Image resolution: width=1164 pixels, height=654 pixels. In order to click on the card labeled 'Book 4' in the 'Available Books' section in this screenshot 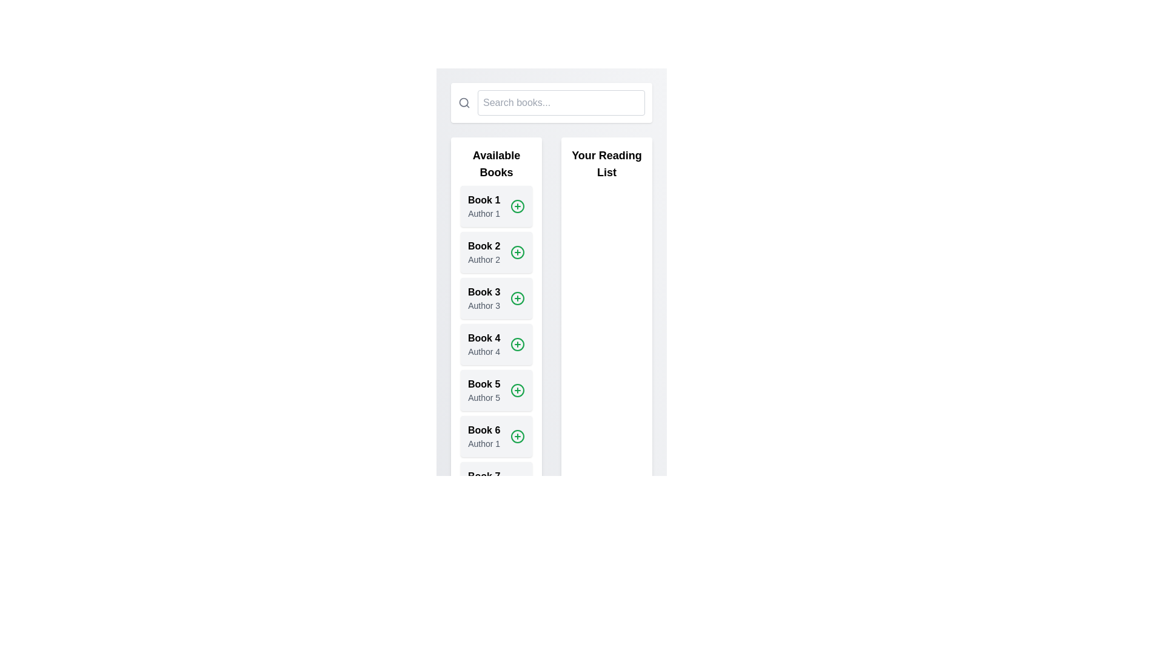, I will do `click(497, 345)`.